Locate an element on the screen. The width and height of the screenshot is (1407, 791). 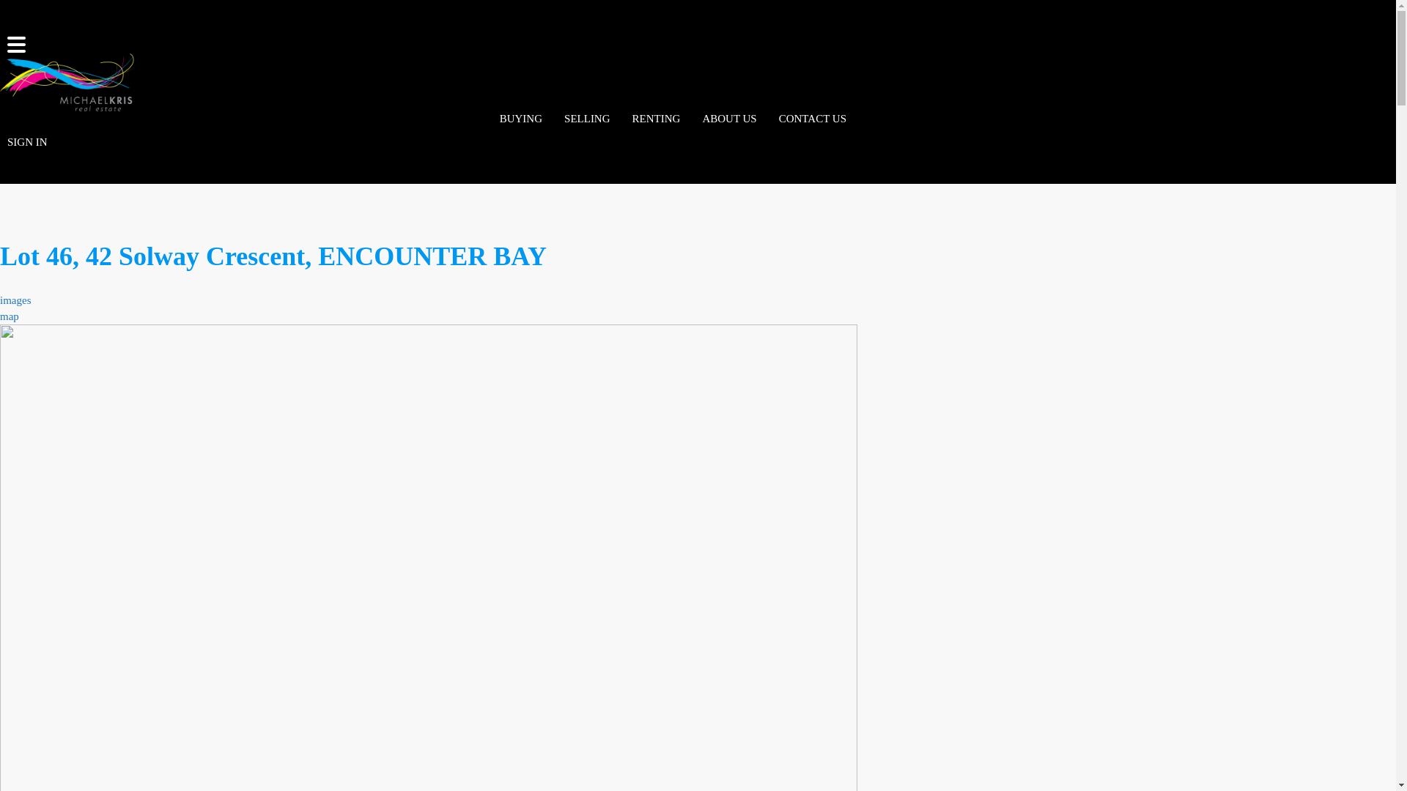
'SIGN IN' is located at coordinates (0, 142).